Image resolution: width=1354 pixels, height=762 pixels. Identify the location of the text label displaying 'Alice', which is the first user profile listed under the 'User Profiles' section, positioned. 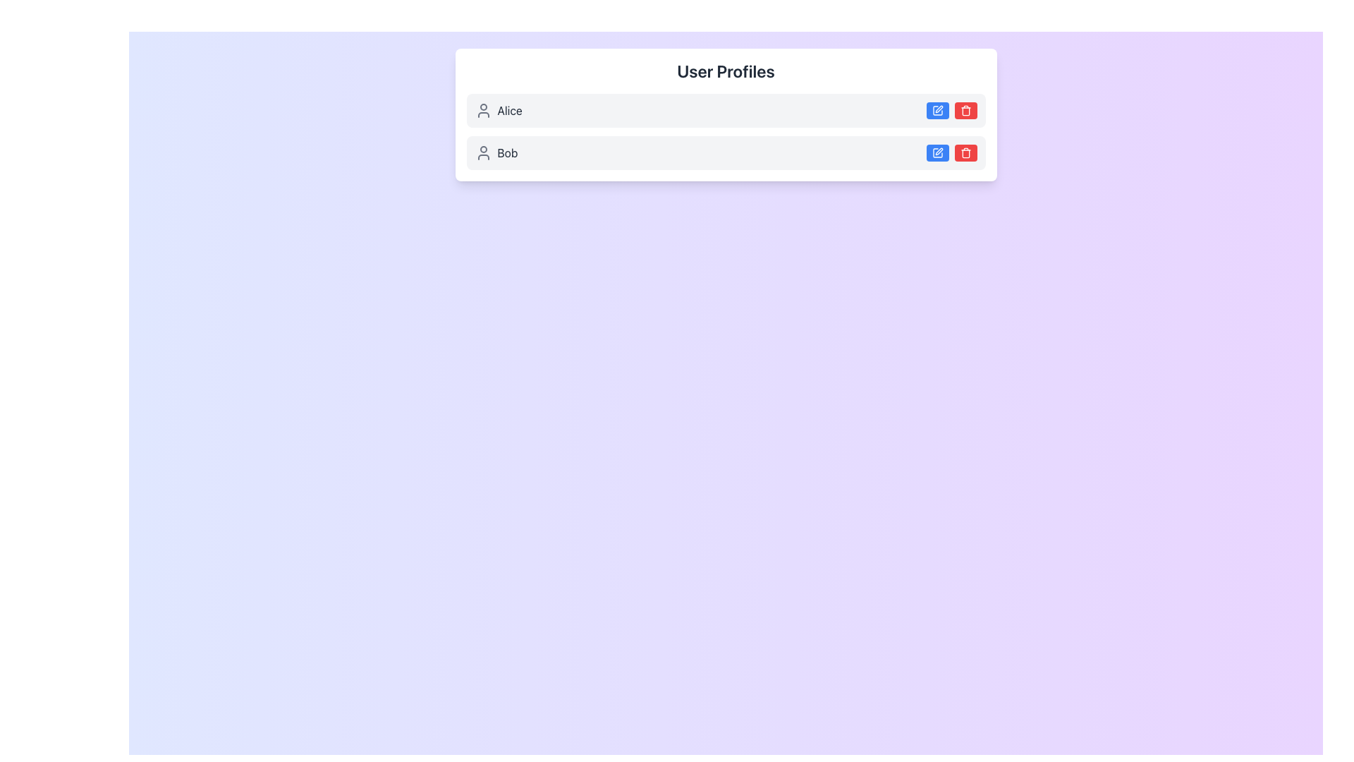
(509, 110).